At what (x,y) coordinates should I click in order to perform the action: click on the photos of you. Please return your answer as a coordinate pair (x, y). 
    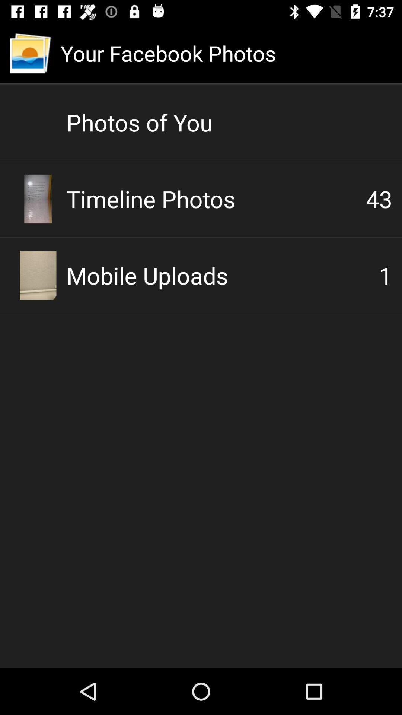
    Looking at the image, I should click on (229, 122).